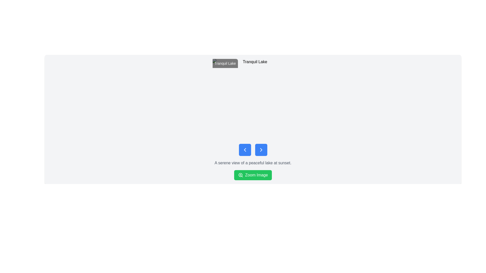 The width and height of the screenshot is (486, 273). What do you see at coordinates (245, 150) in the screenshot?
I see `the 'previous' navigation button located on the left side of its sibling button at the bottom of the interface` at bounding box center [245, 150].